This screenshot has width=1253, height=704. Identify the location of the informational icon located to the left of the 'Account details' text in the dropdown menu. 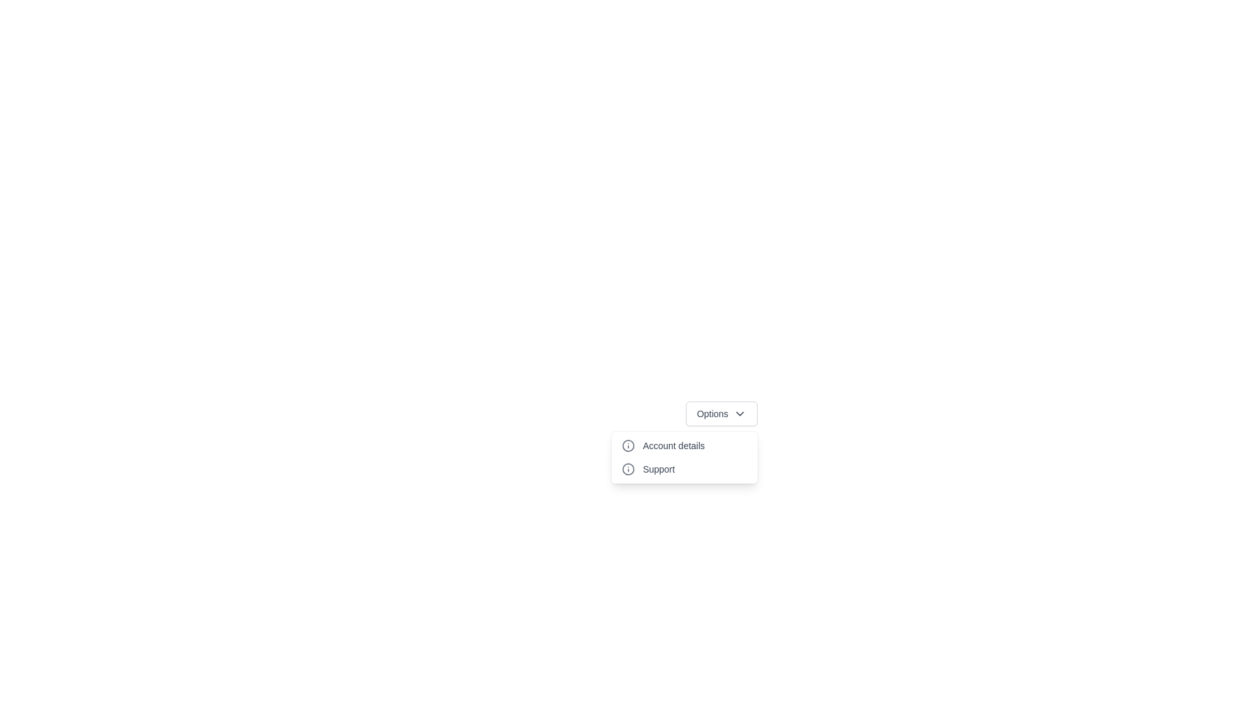
(628, 445).